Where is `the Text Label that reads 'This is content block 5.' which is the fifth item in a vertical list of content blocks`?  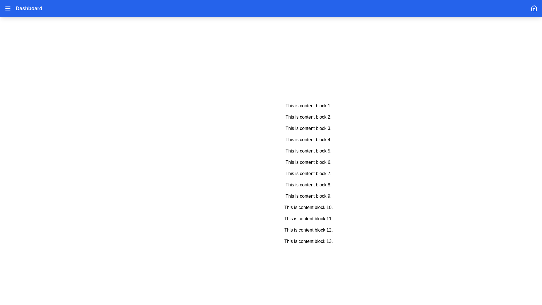
the Text Label that reads 'This is content block 5.' which is the fifth item in a vertical list of content blocks is located at coordinates (308, 151).